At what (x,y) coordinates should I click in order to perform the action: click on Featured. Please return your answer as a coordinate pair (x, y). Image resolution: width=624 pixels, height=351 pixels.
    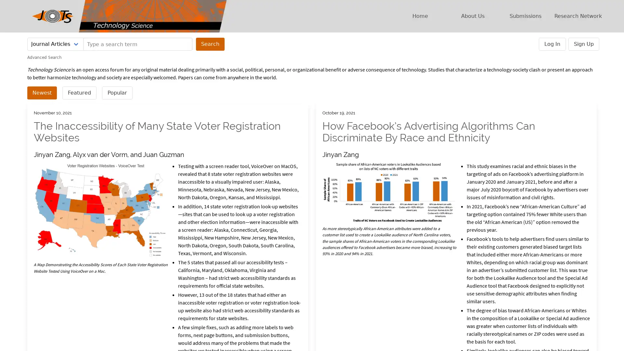
    Looking at the image, I should click on (79, 93).